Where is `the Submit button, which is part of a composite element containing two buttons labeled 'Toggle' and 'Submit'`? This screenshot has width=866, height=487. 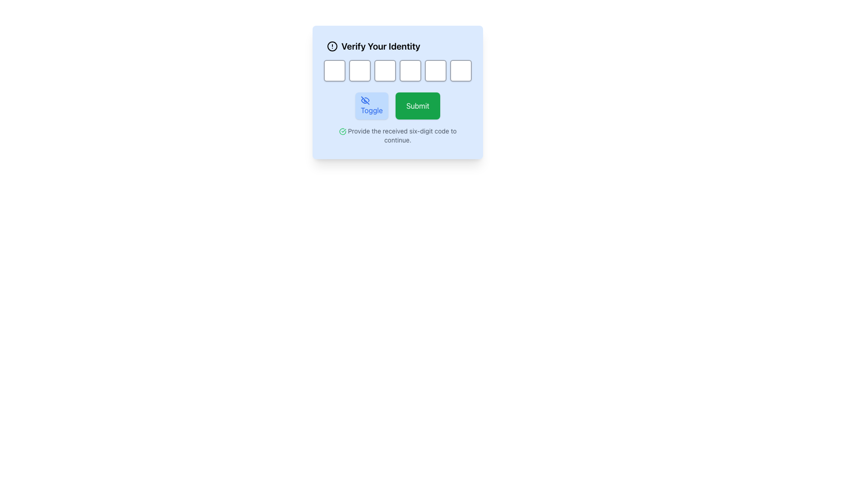
the Submit button, which is part of a composite element containing two buttons labeled 'Toggle' and 'Submit' is located at coordinates (397, 106).